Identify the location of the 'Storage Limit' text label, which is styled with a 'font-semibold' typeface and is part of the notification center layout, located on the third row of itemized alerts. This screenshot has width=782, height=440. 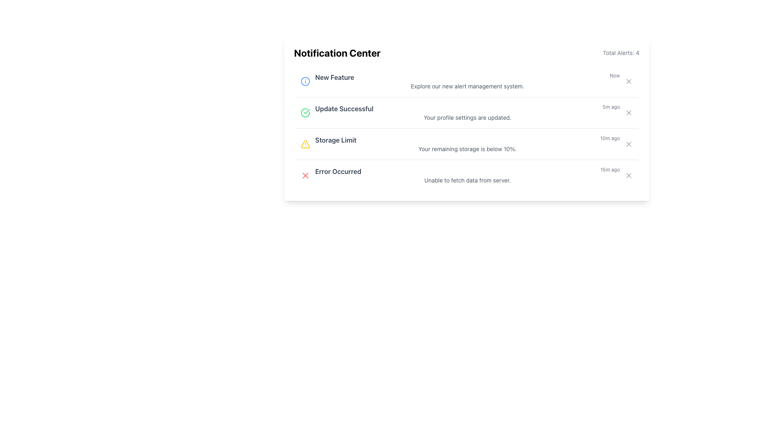
(336, 139).